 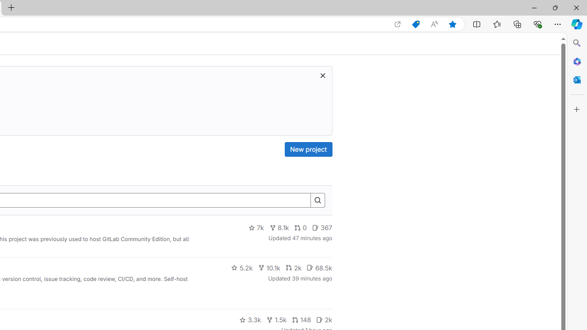 I want to click on '148', so click(x=301, y=319).